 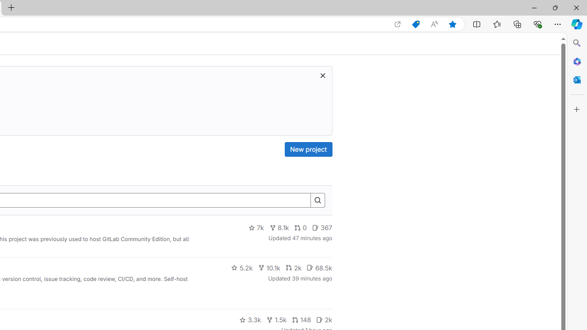 I want to click on '148', so click(x=301, y=319).